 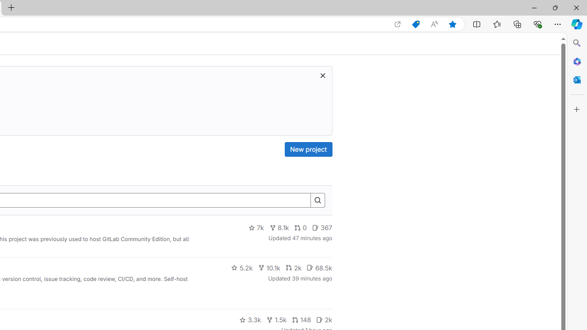 I want to click on '148', so click(x=301, y=319).